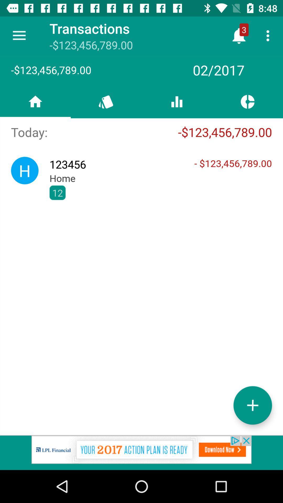 The width and height of the screenshot is (283, 503). Describe the element at coordinates (160, 192) in the screenshot. I see `the ,,  icon` at that location.